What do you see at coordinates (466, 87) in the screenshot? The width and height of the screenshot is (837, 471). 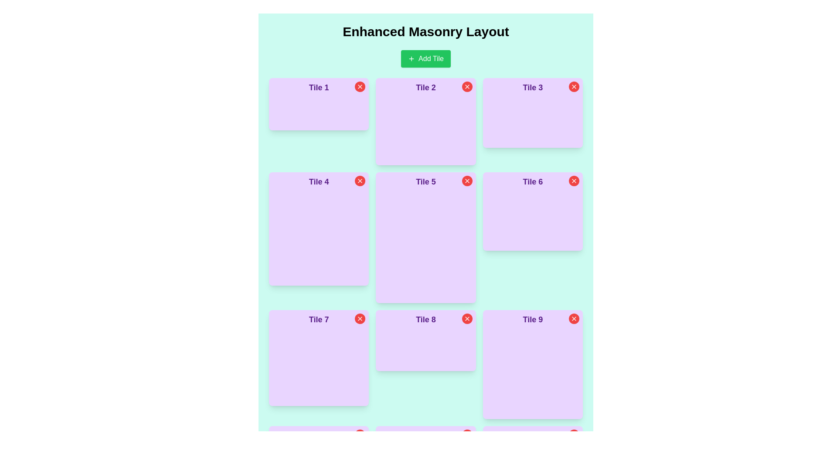 I see `the 'remove' button located in the top-right corner of the tile labeled 'Tile 2'` at bounding box center [466, 87].